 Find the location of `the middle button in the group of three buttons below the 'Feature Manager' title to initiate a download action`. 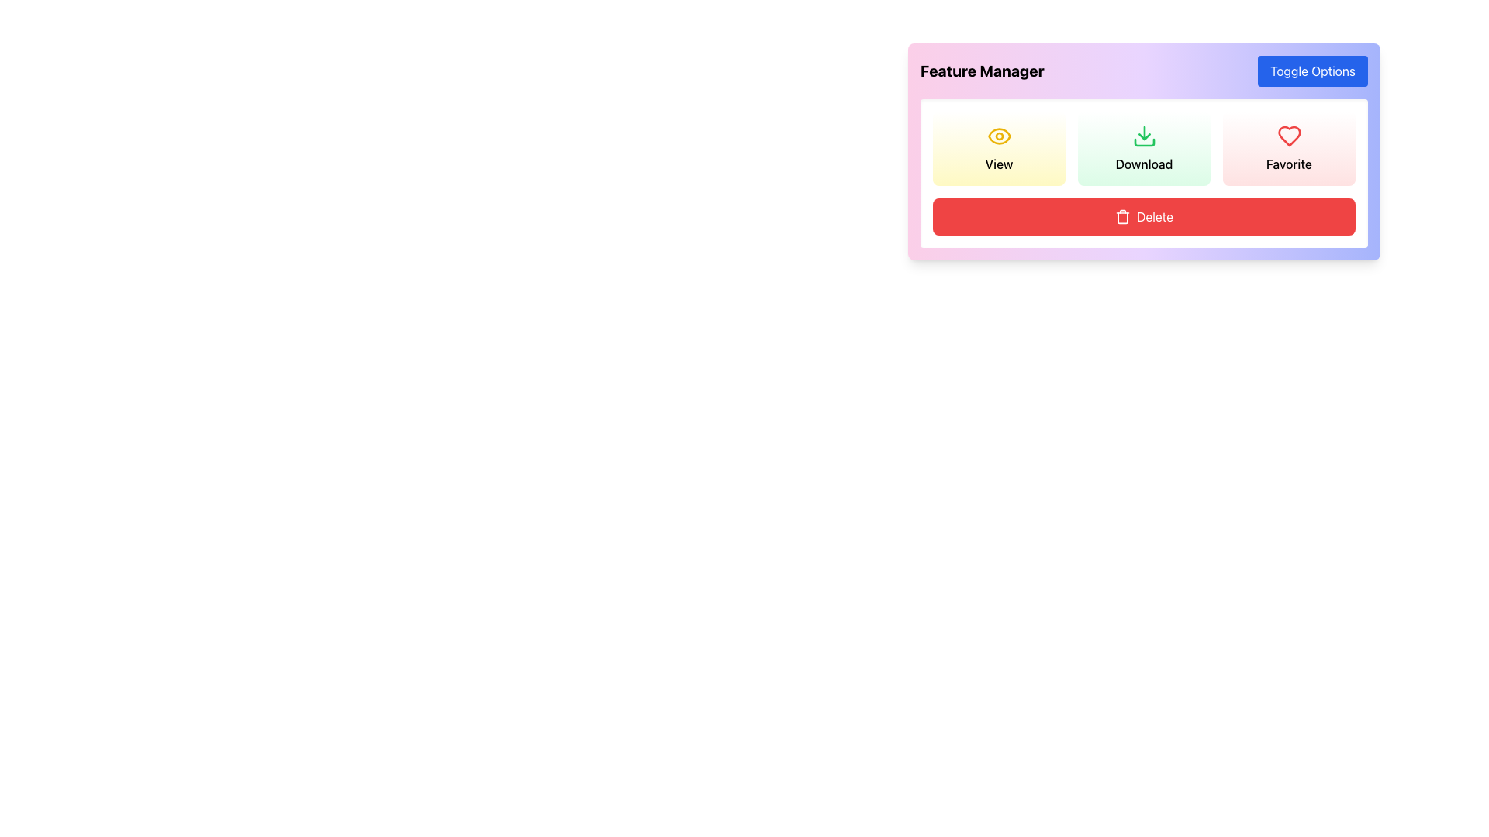

the middle button in the group of three buttons below the 'Feature Manager' title to initiate a download action is located at coordinates (1144, 152).